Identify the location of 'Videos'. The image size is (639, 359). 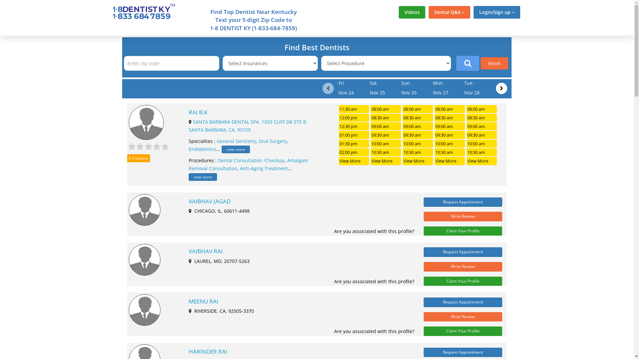
(412, 12).